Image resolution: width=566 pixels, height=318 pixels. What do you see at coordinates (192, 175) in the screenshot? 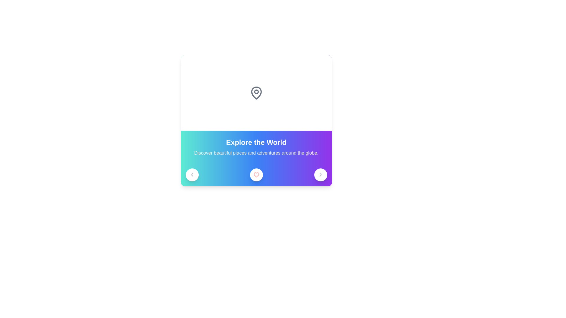
I see `the left navigation arrow SVG icon, which indicates backward navigation within the navigation area of the interface` at bounding box center [192, 175].